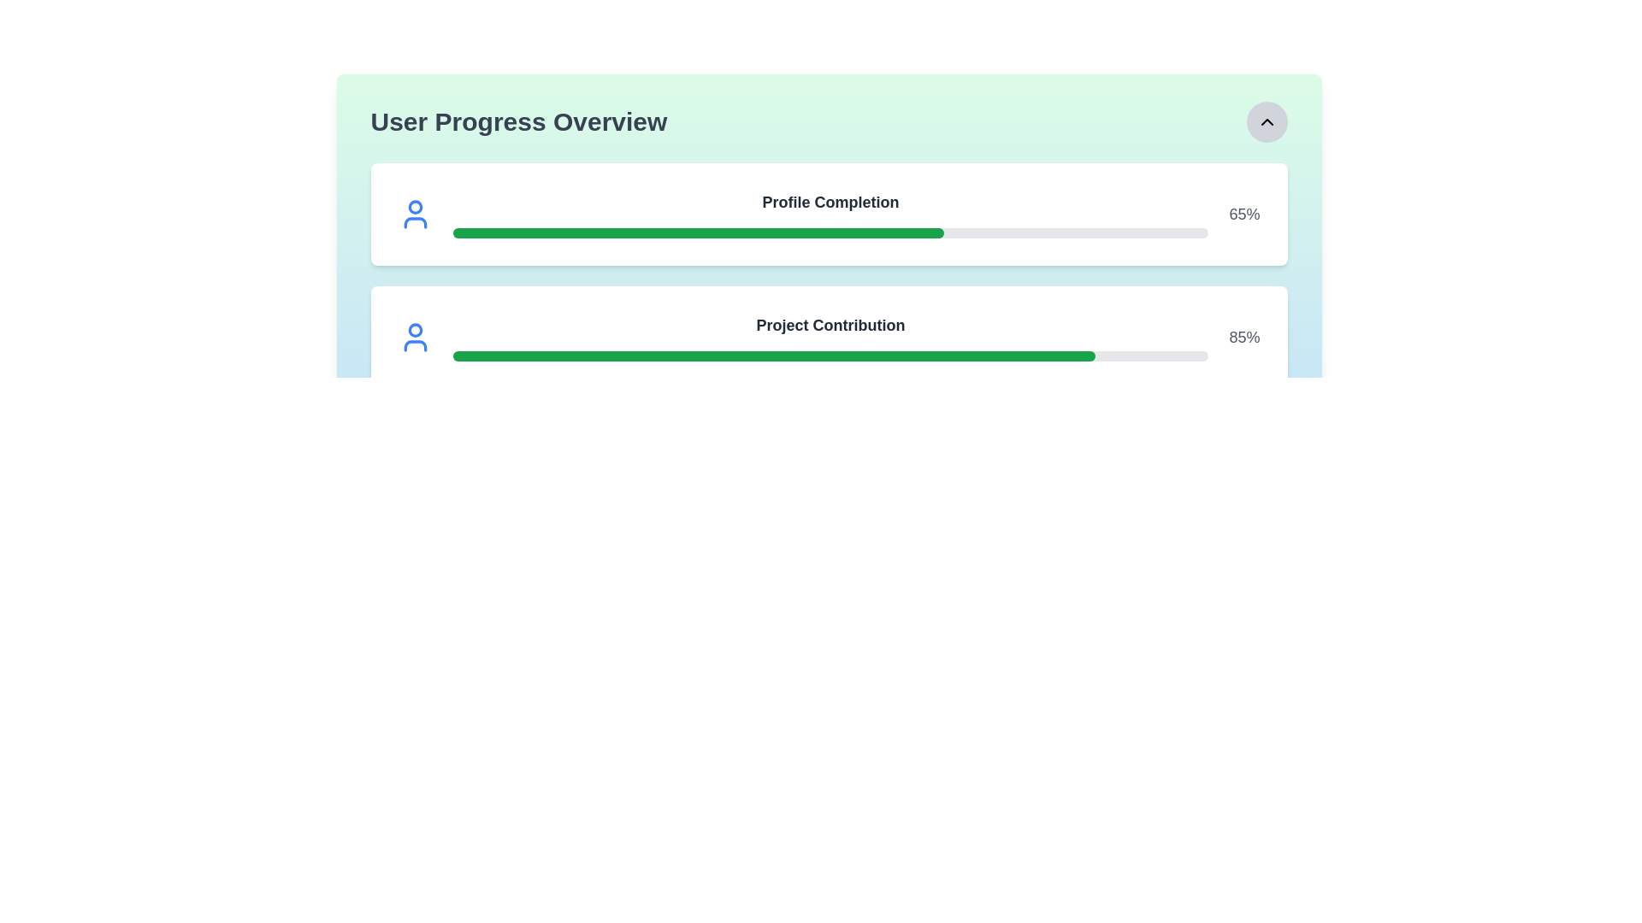 This screenshot has height=923, width=1642. Describe the element at coordinates (415, 346) in the screenshot. I see `the lower portion of the user's icon in the 'User Progress Overview' section, specifically next to the 'Project Contribution' progress bar` at that location.